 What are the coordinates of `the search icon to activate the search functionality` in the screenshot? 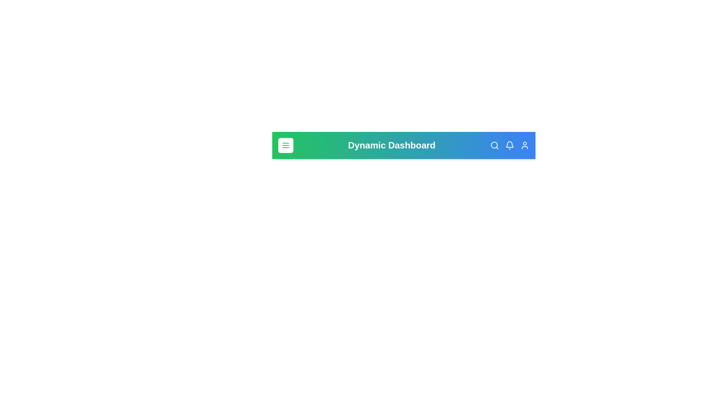 It's located at (494, 145).